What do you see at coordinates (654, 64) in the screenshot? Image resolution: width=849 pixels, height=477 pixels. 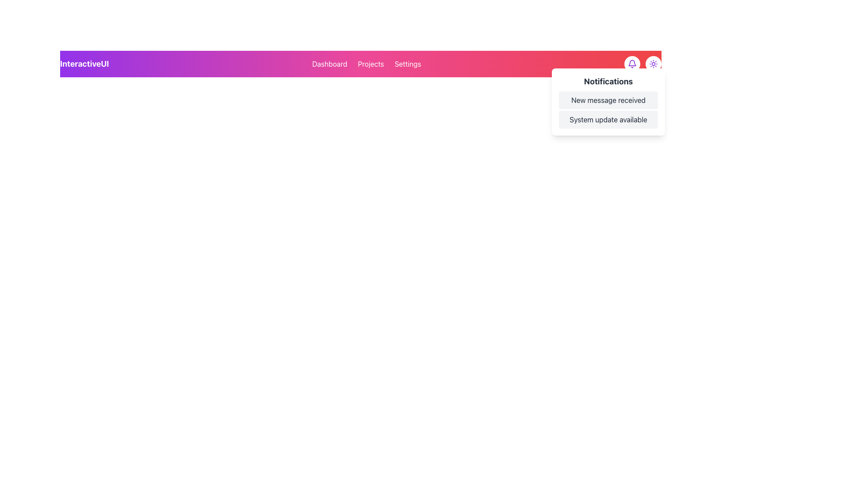 I see `the purple sun icon button located at the top-right corner of the header bar` at bounding box center [654, 64].